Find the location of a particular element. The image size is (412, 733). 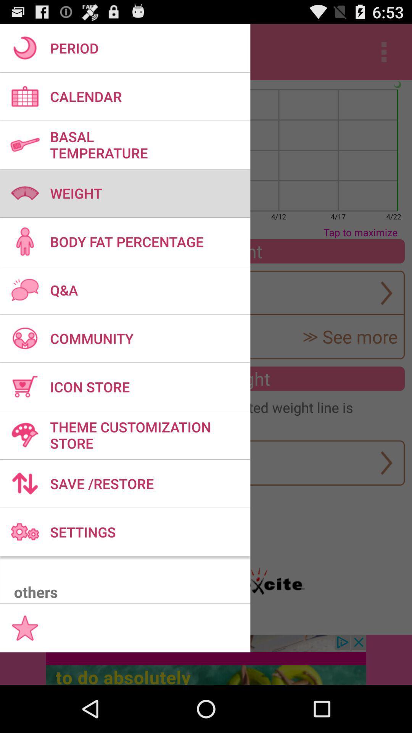

more options symbol is located at coordinates (384, 52).